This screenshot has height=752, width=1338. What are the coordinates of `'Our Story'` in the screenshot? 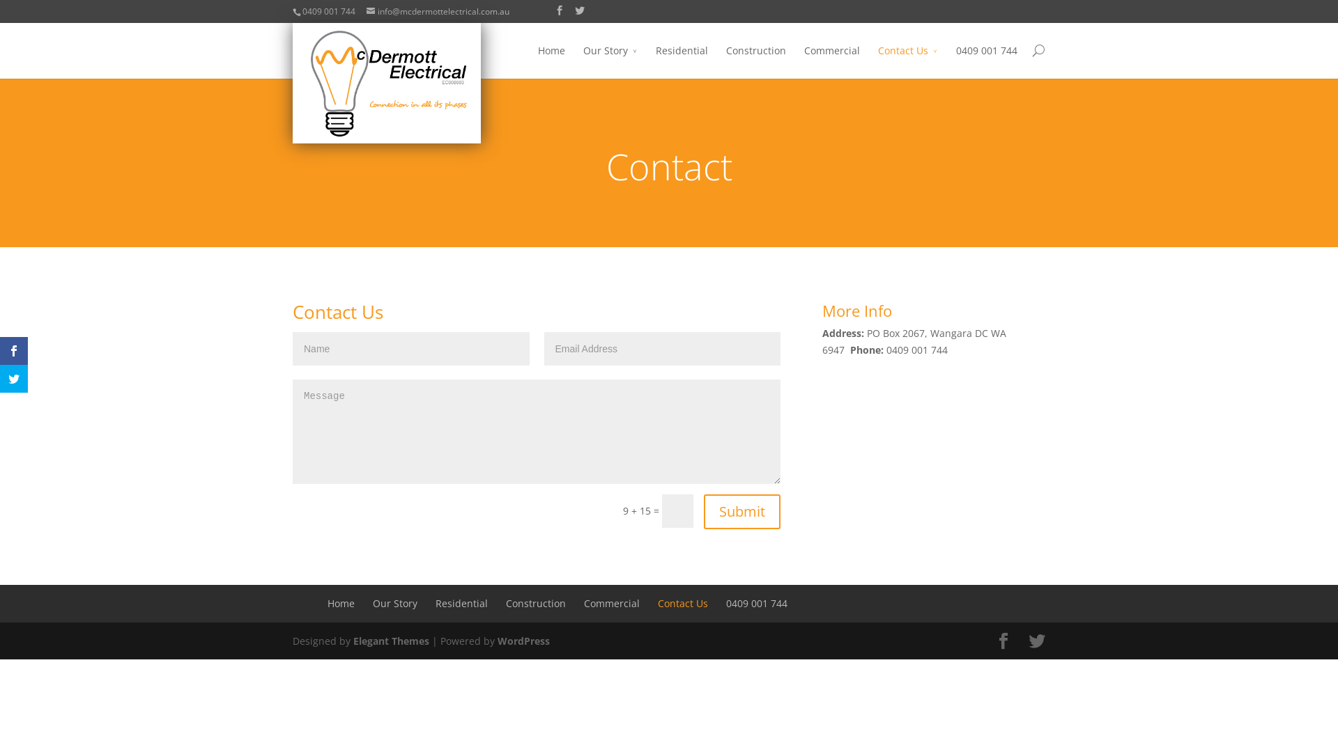 It's located at (394, 602).